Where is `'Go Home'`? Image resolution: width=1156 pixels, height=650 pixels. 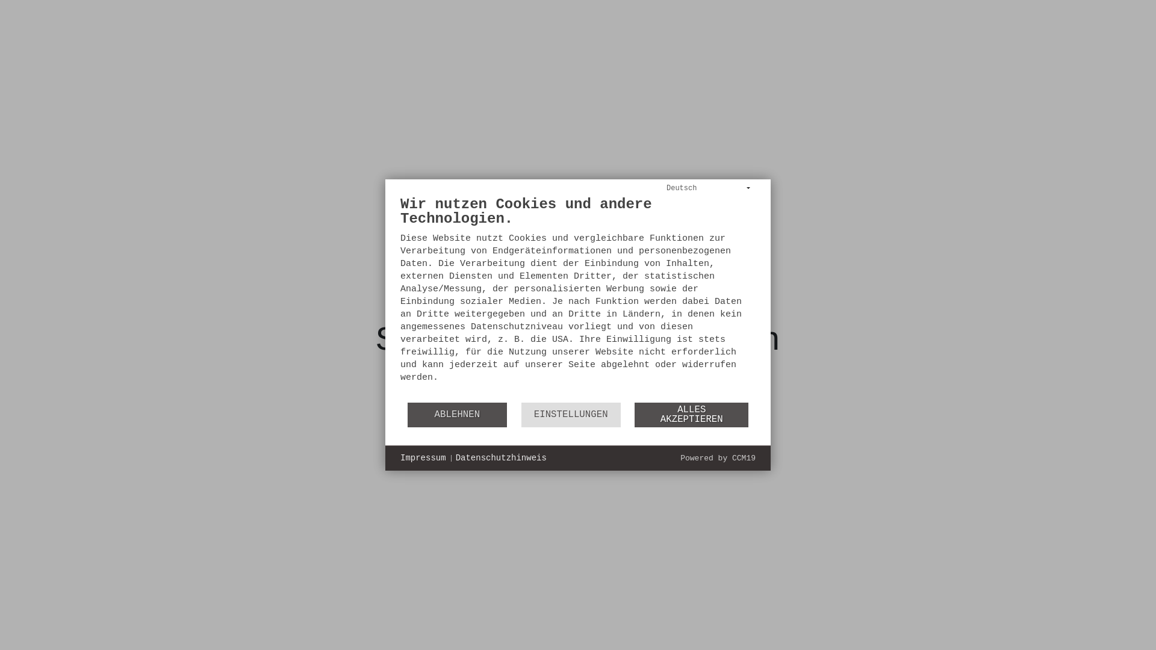 'Go Home' is located at coordinates (577, 407).